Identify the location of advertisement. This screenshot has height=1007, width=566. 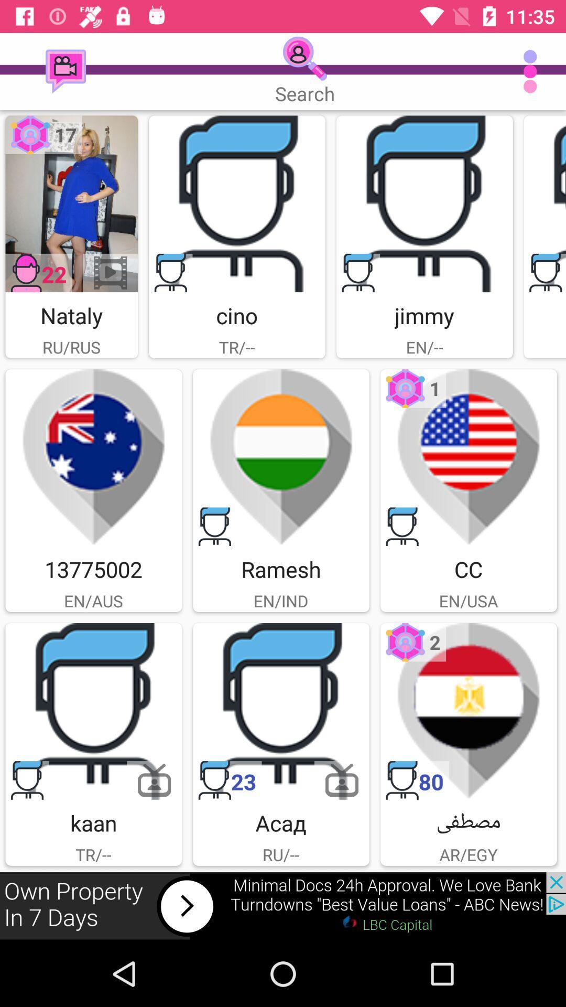
(283, 906).